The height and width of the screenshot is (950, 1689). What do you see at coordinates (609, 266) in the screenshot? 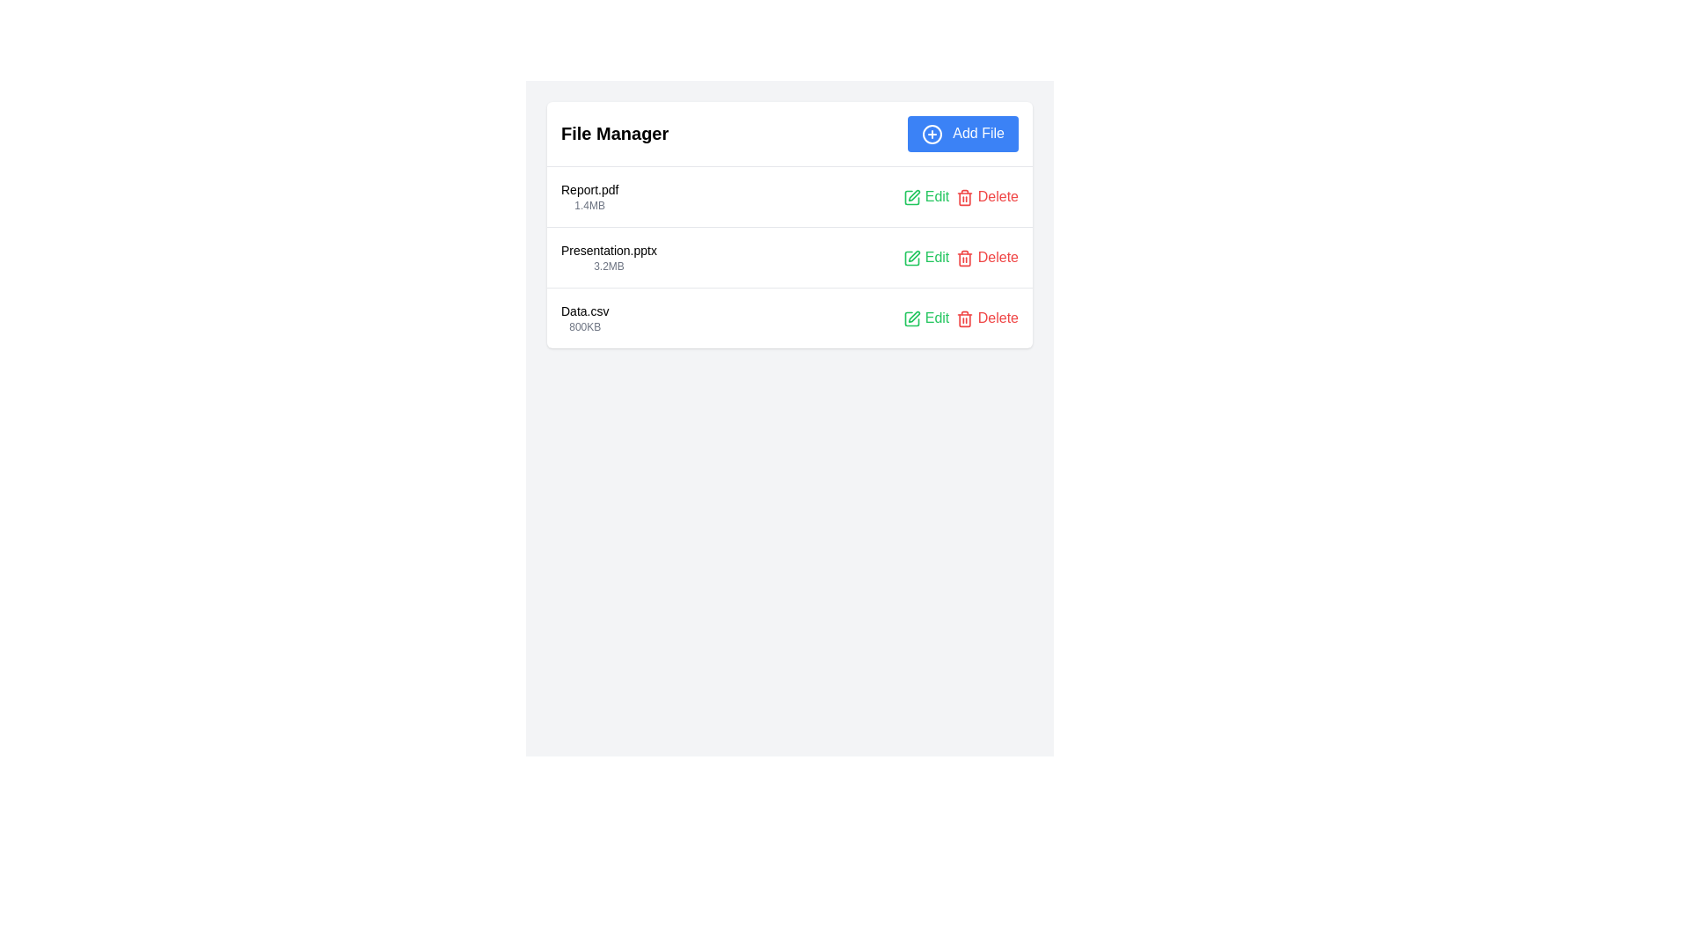
I see `the text label displaying '3.2MB' located below the filename 'Presentation.pptx' in the File Manager interface` at bounding box center [609, 266].